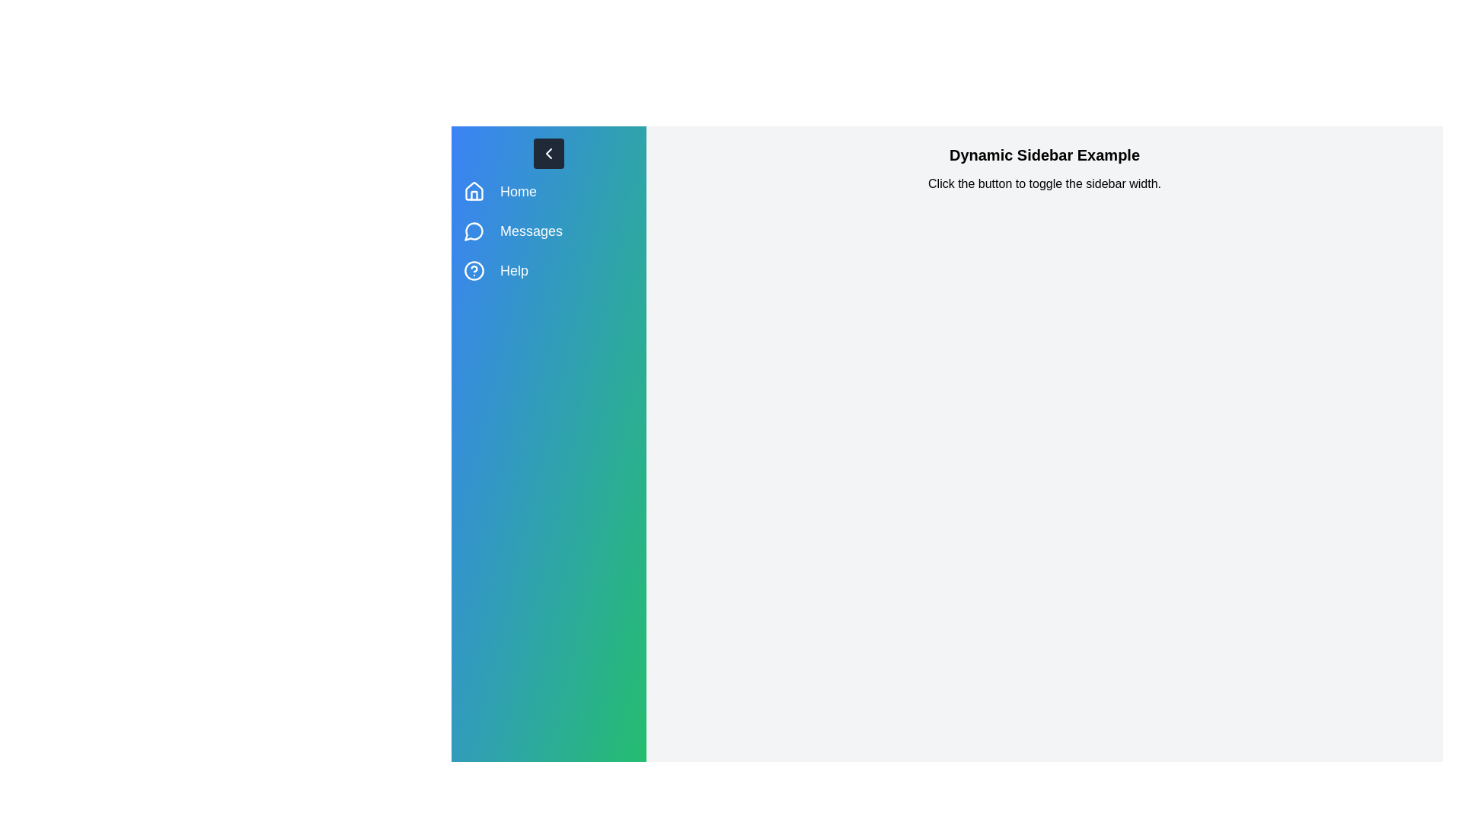  Describe the element at coordinates (548, 231) in the screenshot. I see `the menu item Messages from the sidebar` at that location.